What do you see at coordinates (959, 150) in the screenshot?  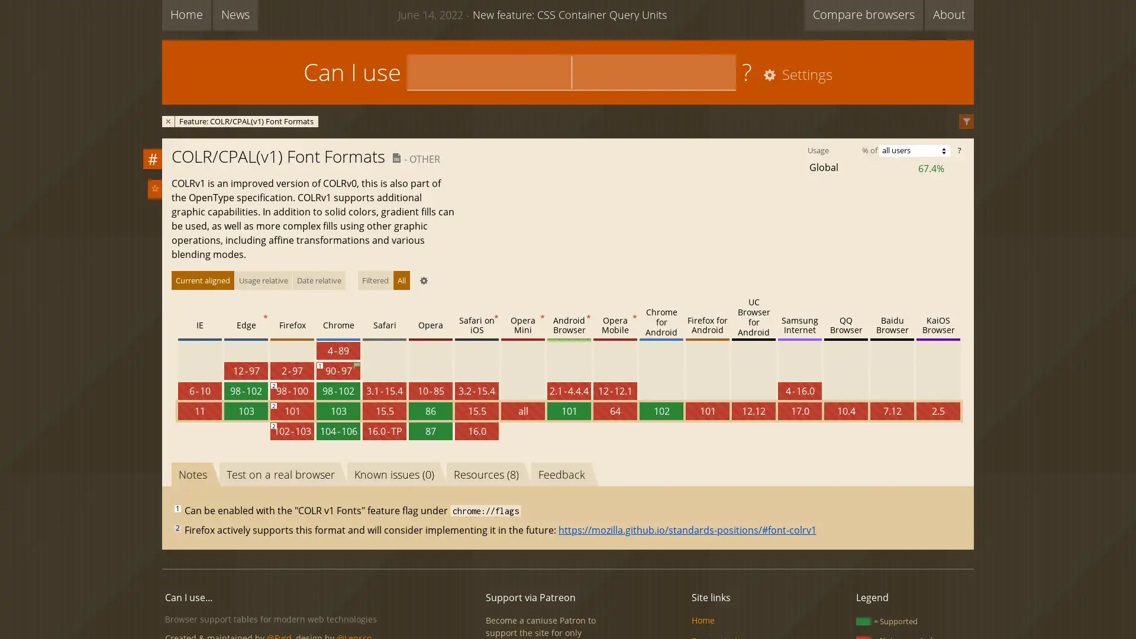 I see `?` at bounding box center [959, 150].